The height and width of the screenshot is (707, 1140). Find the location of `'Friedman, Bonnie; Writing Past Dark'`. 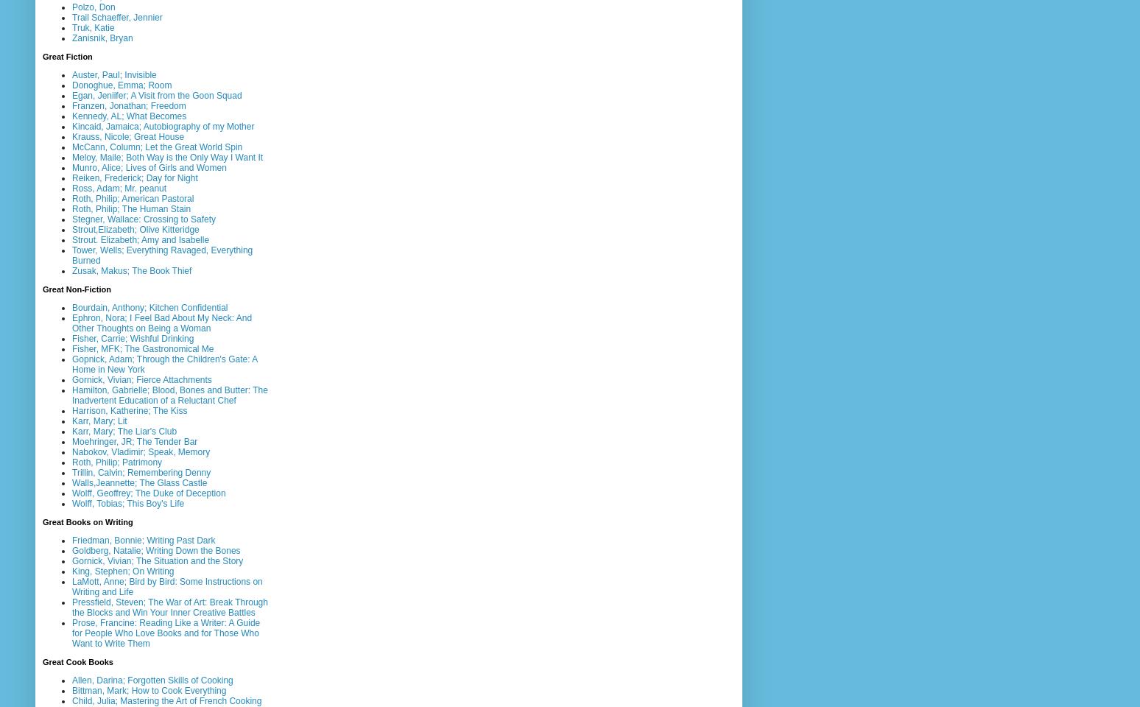

'Friedman, Bonnie; Writing Past Dark' is located at coordinates (143, 538).